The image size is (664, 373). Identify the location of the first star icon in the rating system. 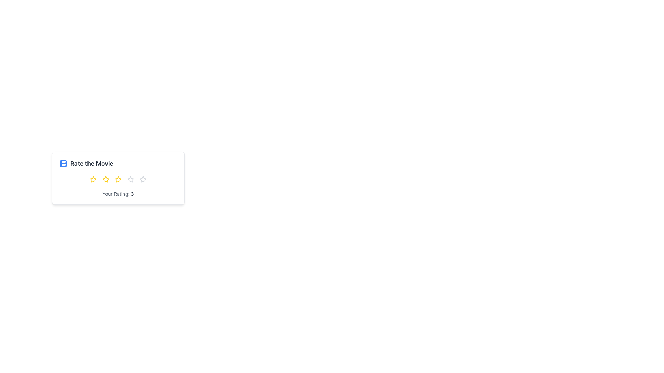
(93, 179).